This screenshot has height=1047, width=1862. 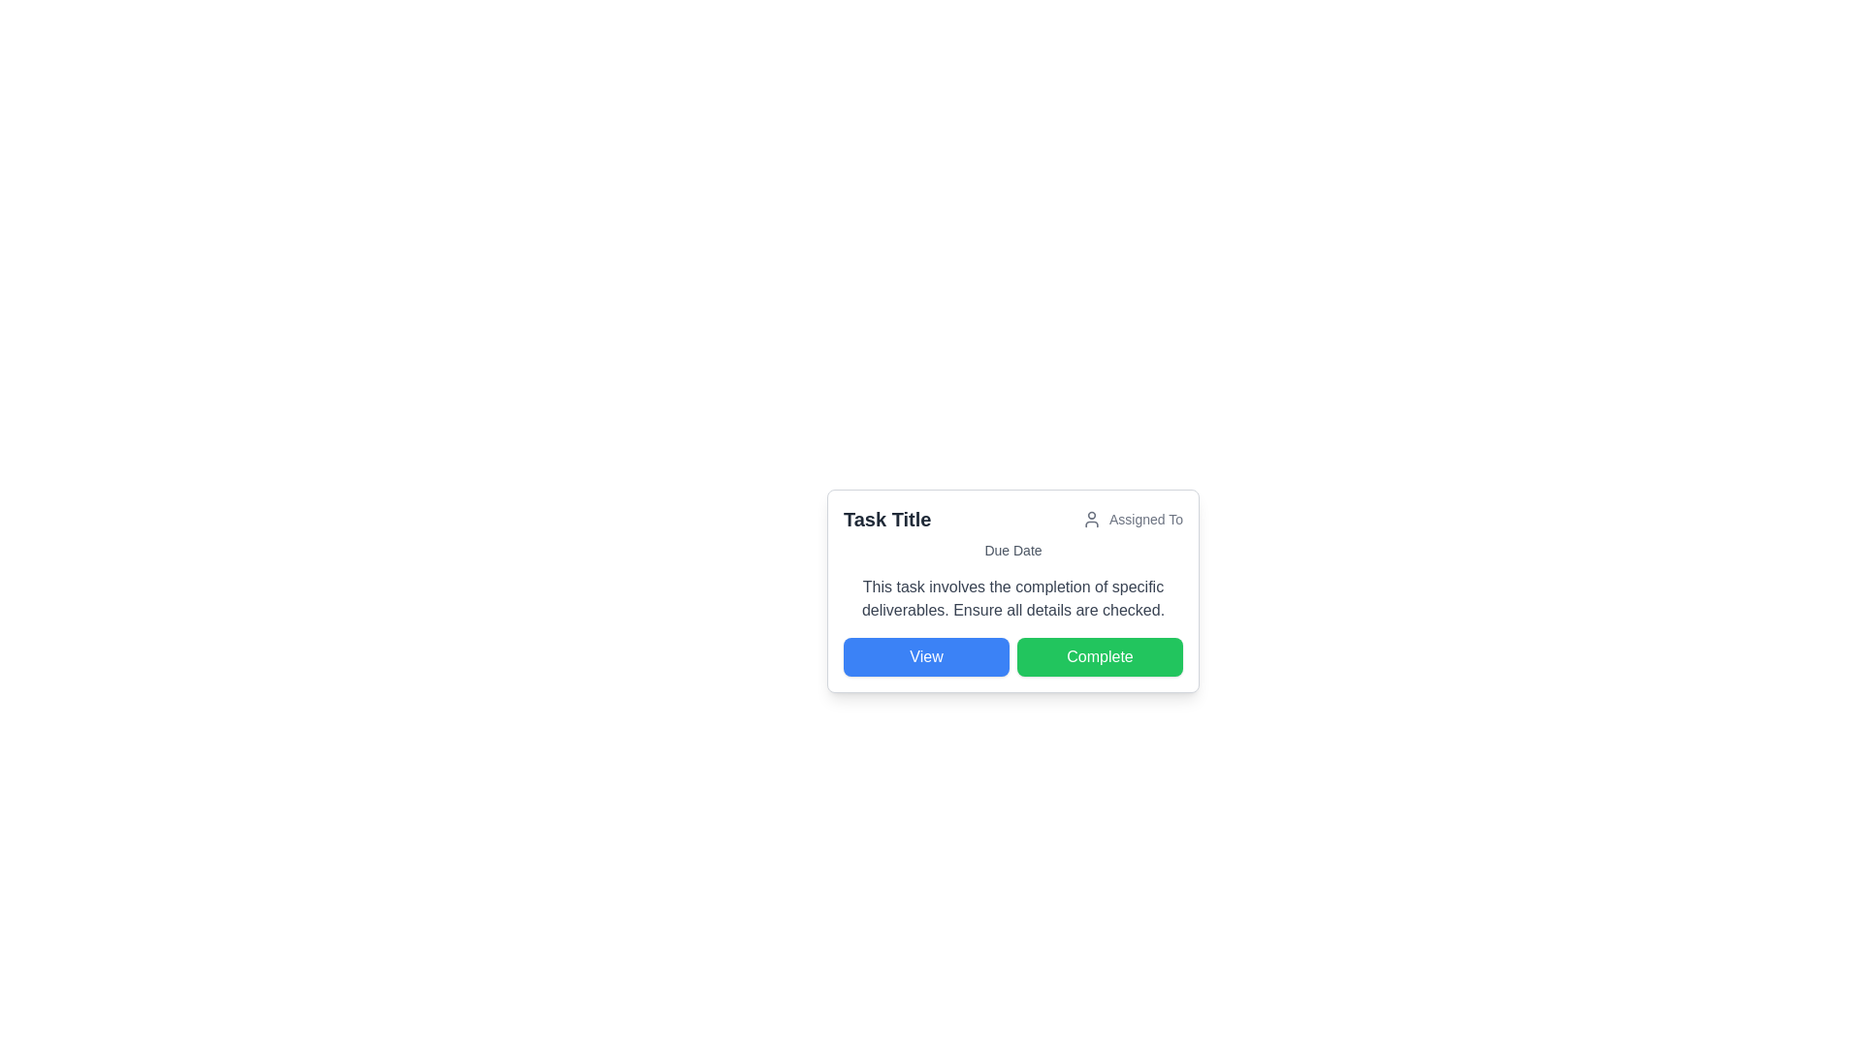 I want to click on the non-interactive informational text block located below the 'Due Date' label and above the 'View' and 'Complete' buttons within the card interface, so click(x=1012, y=597).